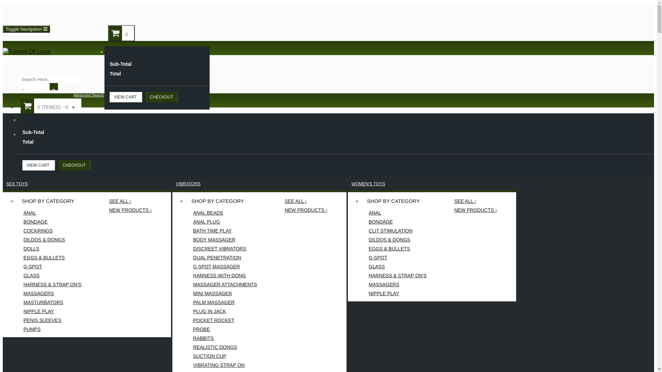  What do you see at coordinates (17, 222) in the screenshot?
I see `'BONDAGE'` at bounding box center [17, 222].